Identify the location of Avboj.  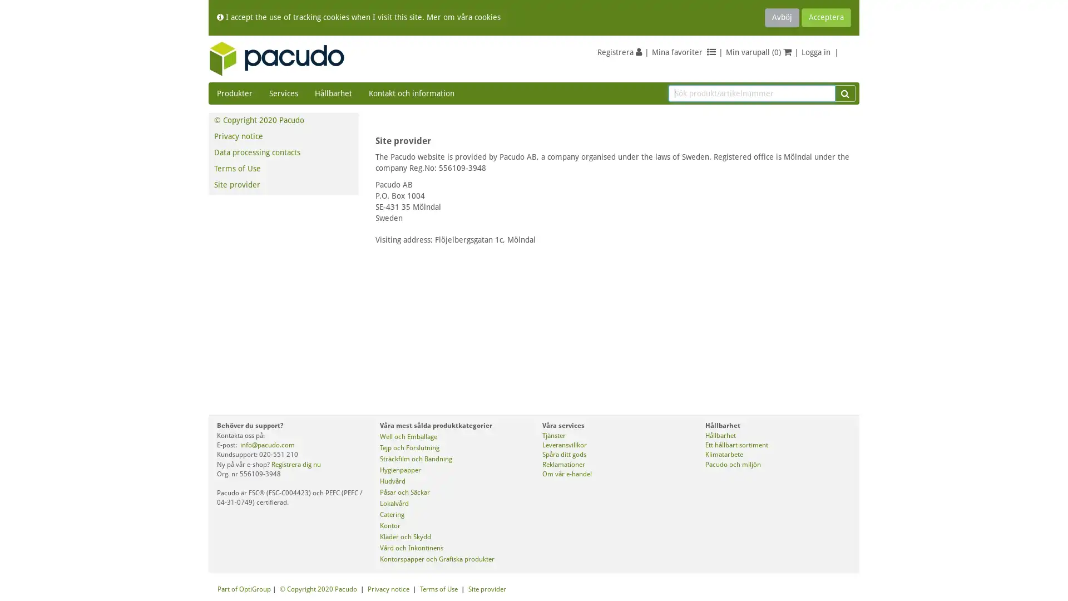
(782, 17).